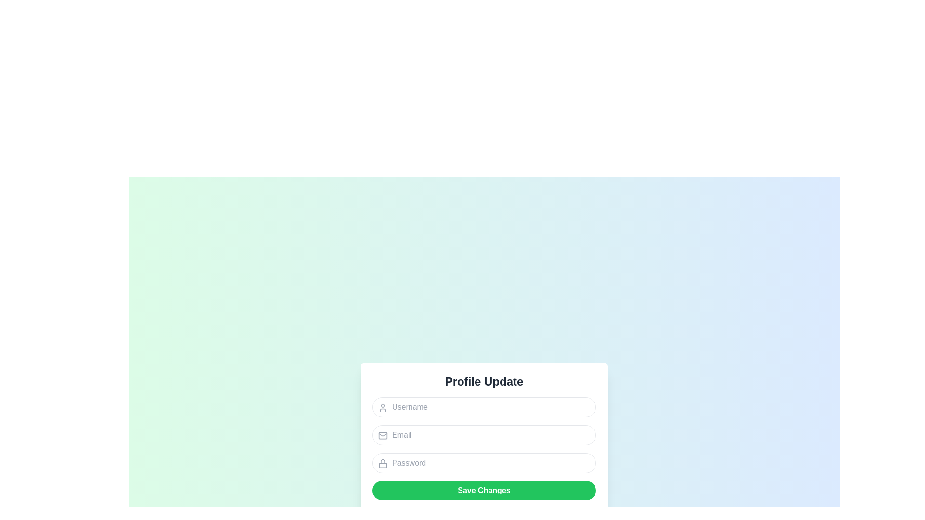 This screenshot has width=925, height=520. Describe the element at coordinates (383, 436) in the screenshot. I see `the assistive icon located to the left of the 'Email' input field within the profile update form` at that location.